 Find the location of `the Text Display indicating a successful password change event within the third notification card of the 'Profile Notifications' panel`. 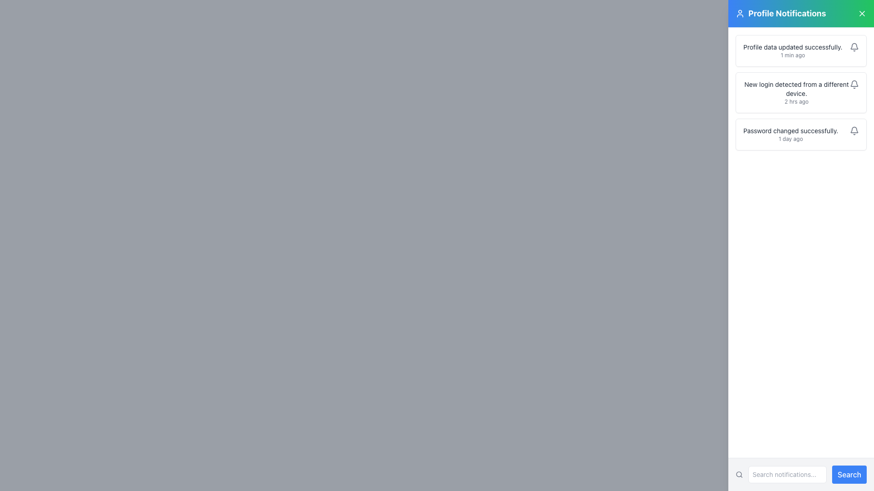

the Text Display indicating a successful password change event within the third notification card of the 'Profile Notifications' panel is located at coordinates (790, 135).